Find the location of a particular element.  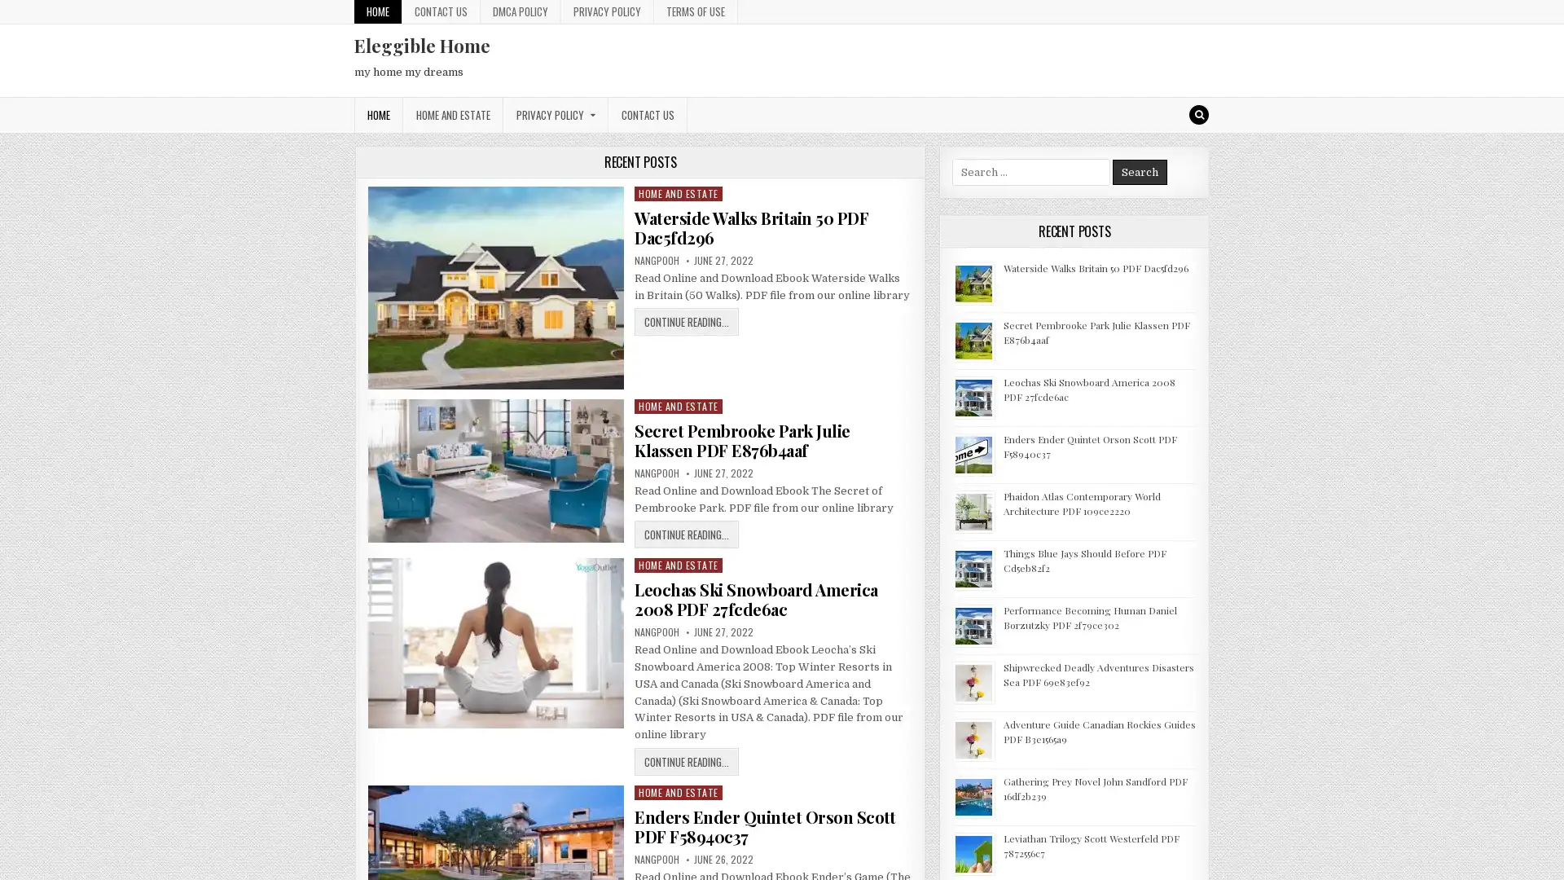

Search is located at coordinates (1139, 172).